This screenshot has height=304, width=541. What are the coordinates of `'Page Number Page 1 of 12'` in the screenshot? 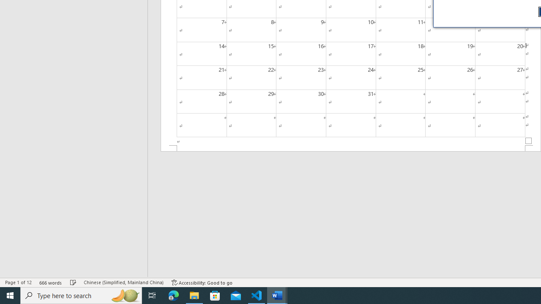 It's located at (18, 282).